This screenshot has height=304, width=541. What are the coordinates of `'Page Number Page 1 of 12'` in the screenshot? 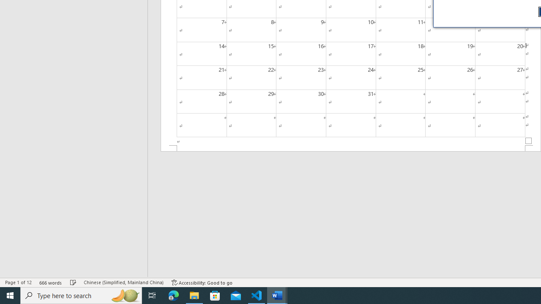 It's located at (18, 282).